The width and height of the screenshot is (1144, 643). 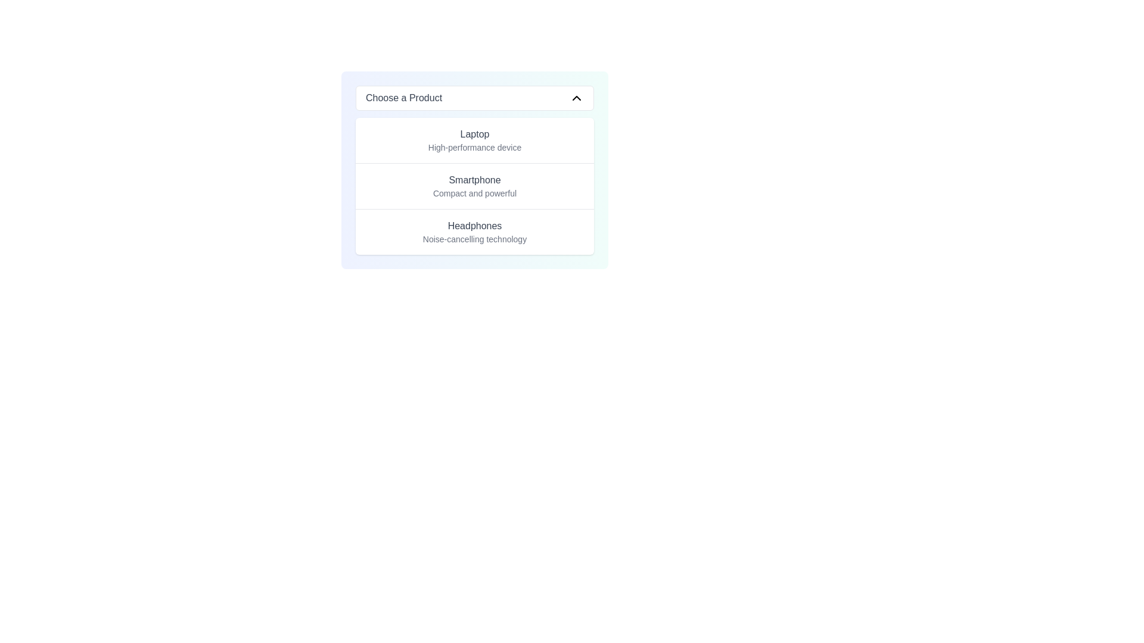 I want to click on the label with the text 'Compact and powerful,' which is positioned below the 'Smartphone' label and is styled in gray color, so click(x=474, y=192).